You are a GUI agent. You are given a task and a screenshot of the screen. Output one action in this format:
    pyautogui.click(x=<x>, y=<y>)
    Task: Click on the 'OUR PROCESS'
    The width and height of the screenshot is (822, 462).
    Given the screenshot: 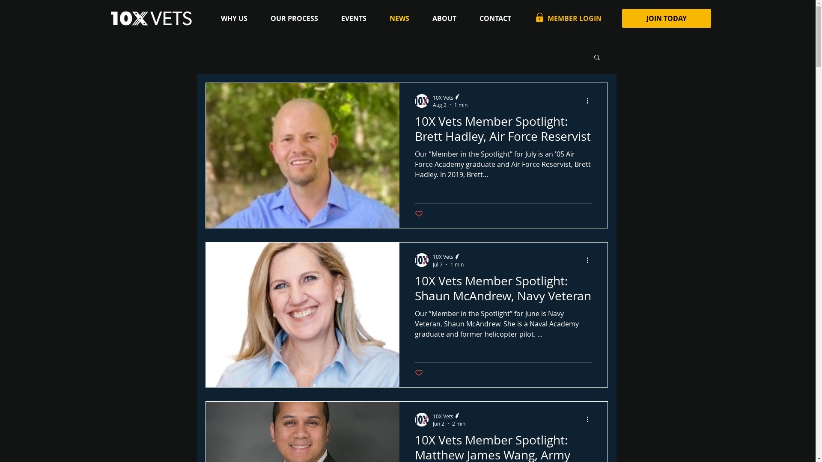 What is the action you would take?
    pyautogui.click(x=299, y=18)
    